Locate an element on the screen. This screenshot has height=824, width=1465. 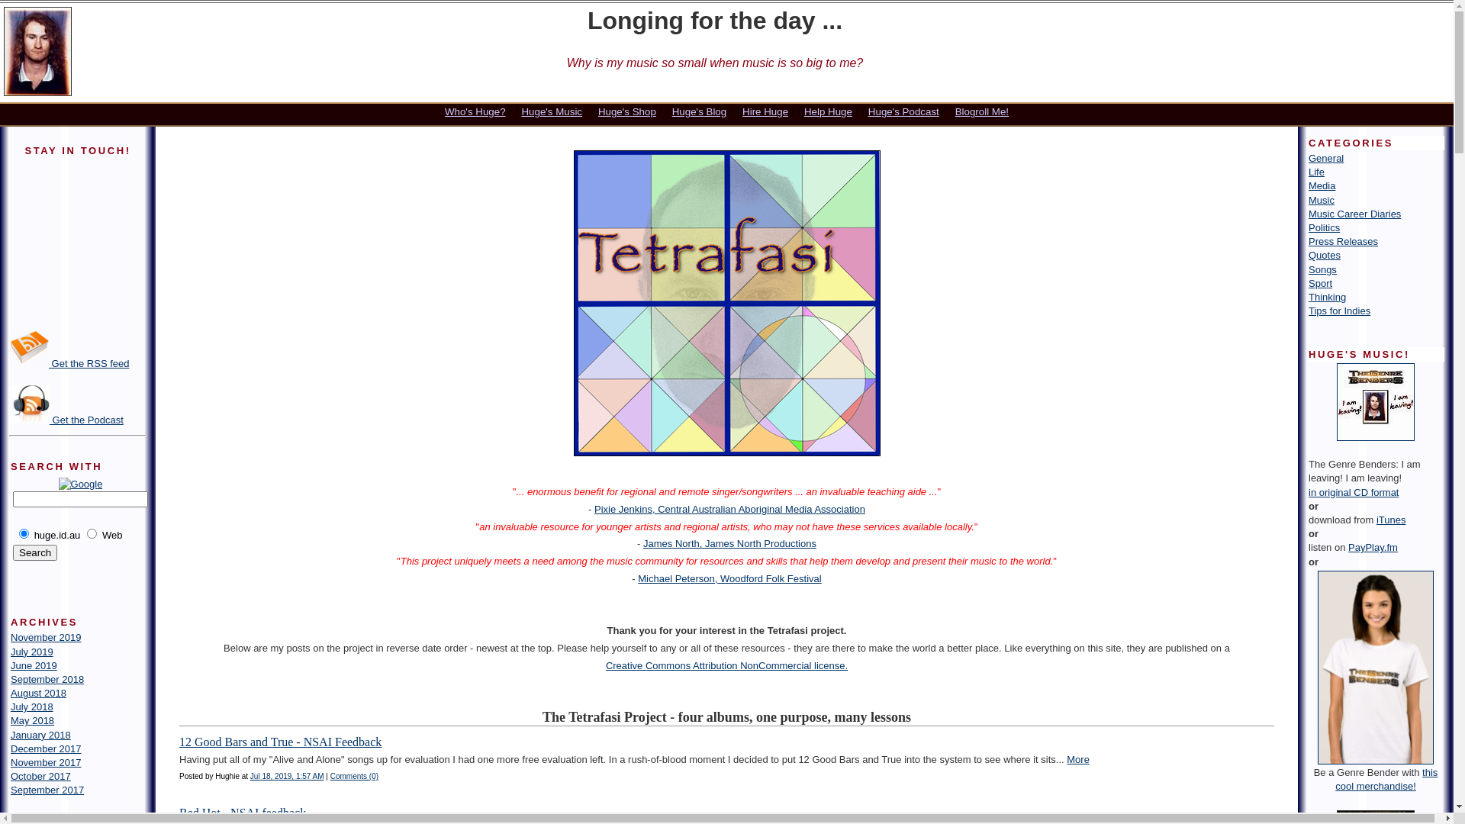
'November 2017' is located at coordinates (11, 762).